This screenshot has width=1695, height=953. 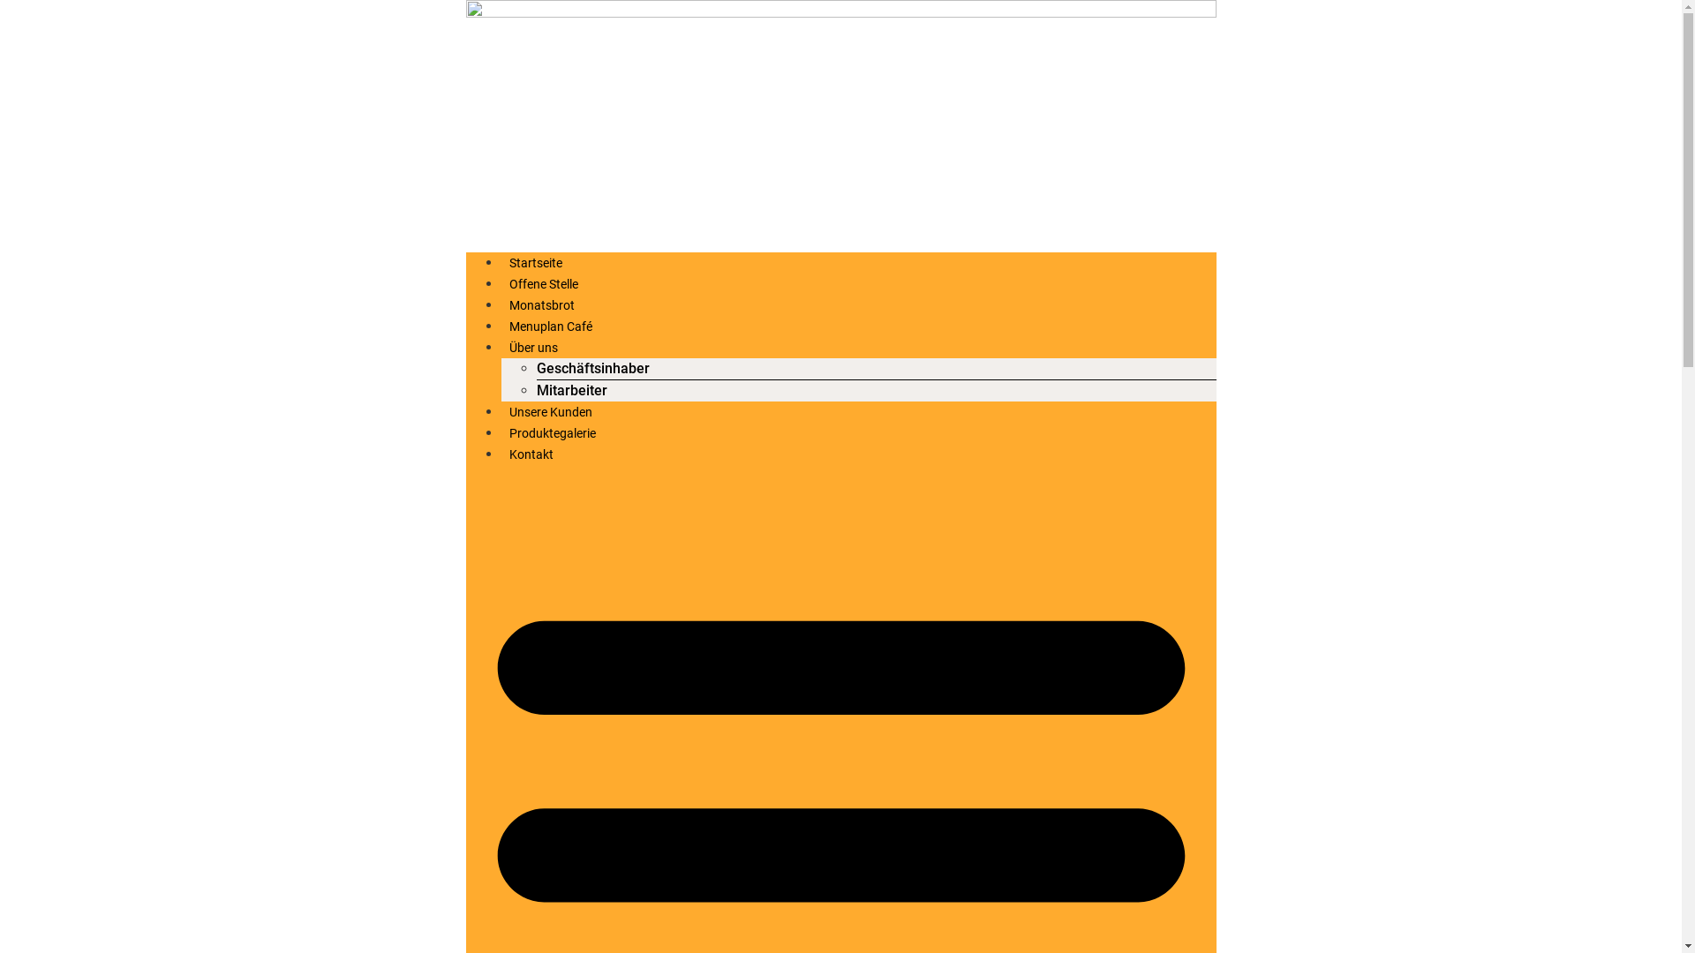 What do you see at coordinates (542, 282) in the screenshot?
I see `'Offene Stelle'` at bounding box center [542, 282].